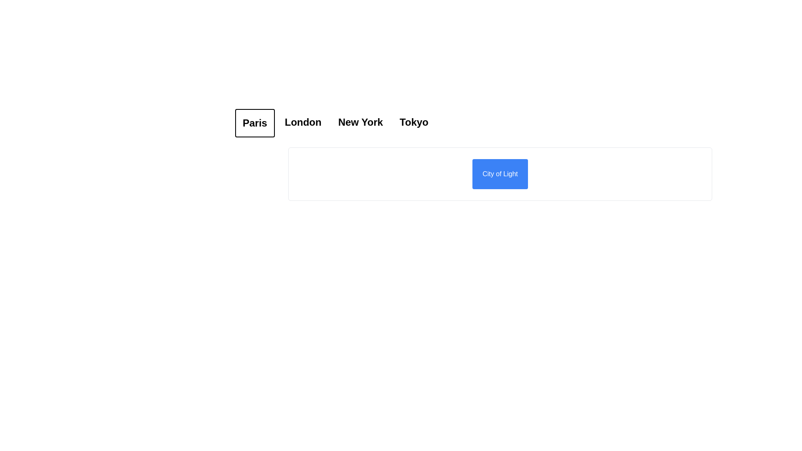  I want to click on the selectable label/button representing the city 'Tokyo', so click(414, 123).